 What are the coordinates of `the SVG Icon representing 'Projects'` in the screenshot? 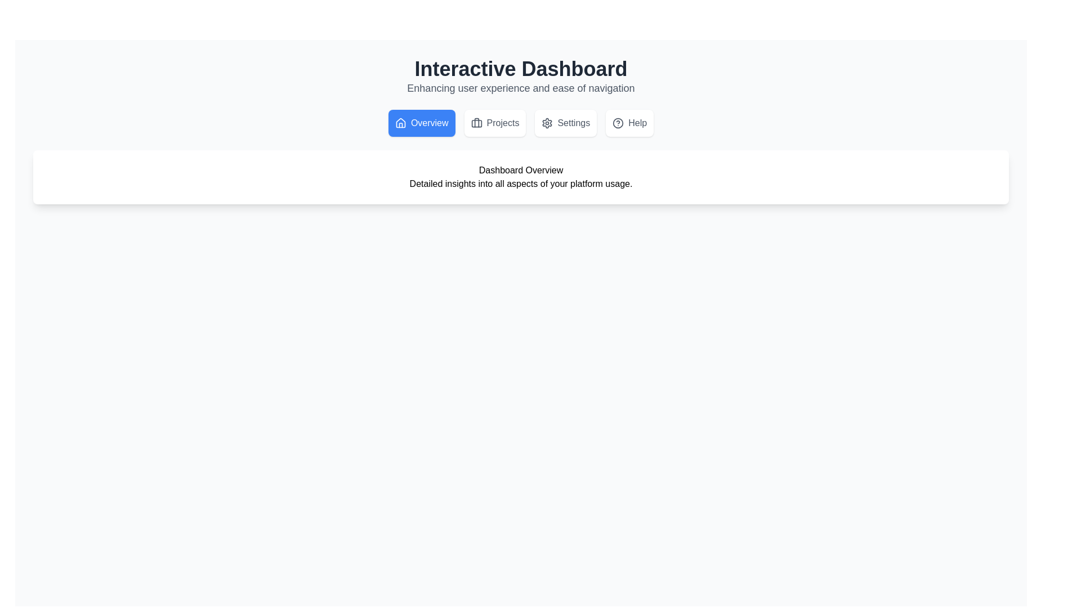 It's located at (476, 123).